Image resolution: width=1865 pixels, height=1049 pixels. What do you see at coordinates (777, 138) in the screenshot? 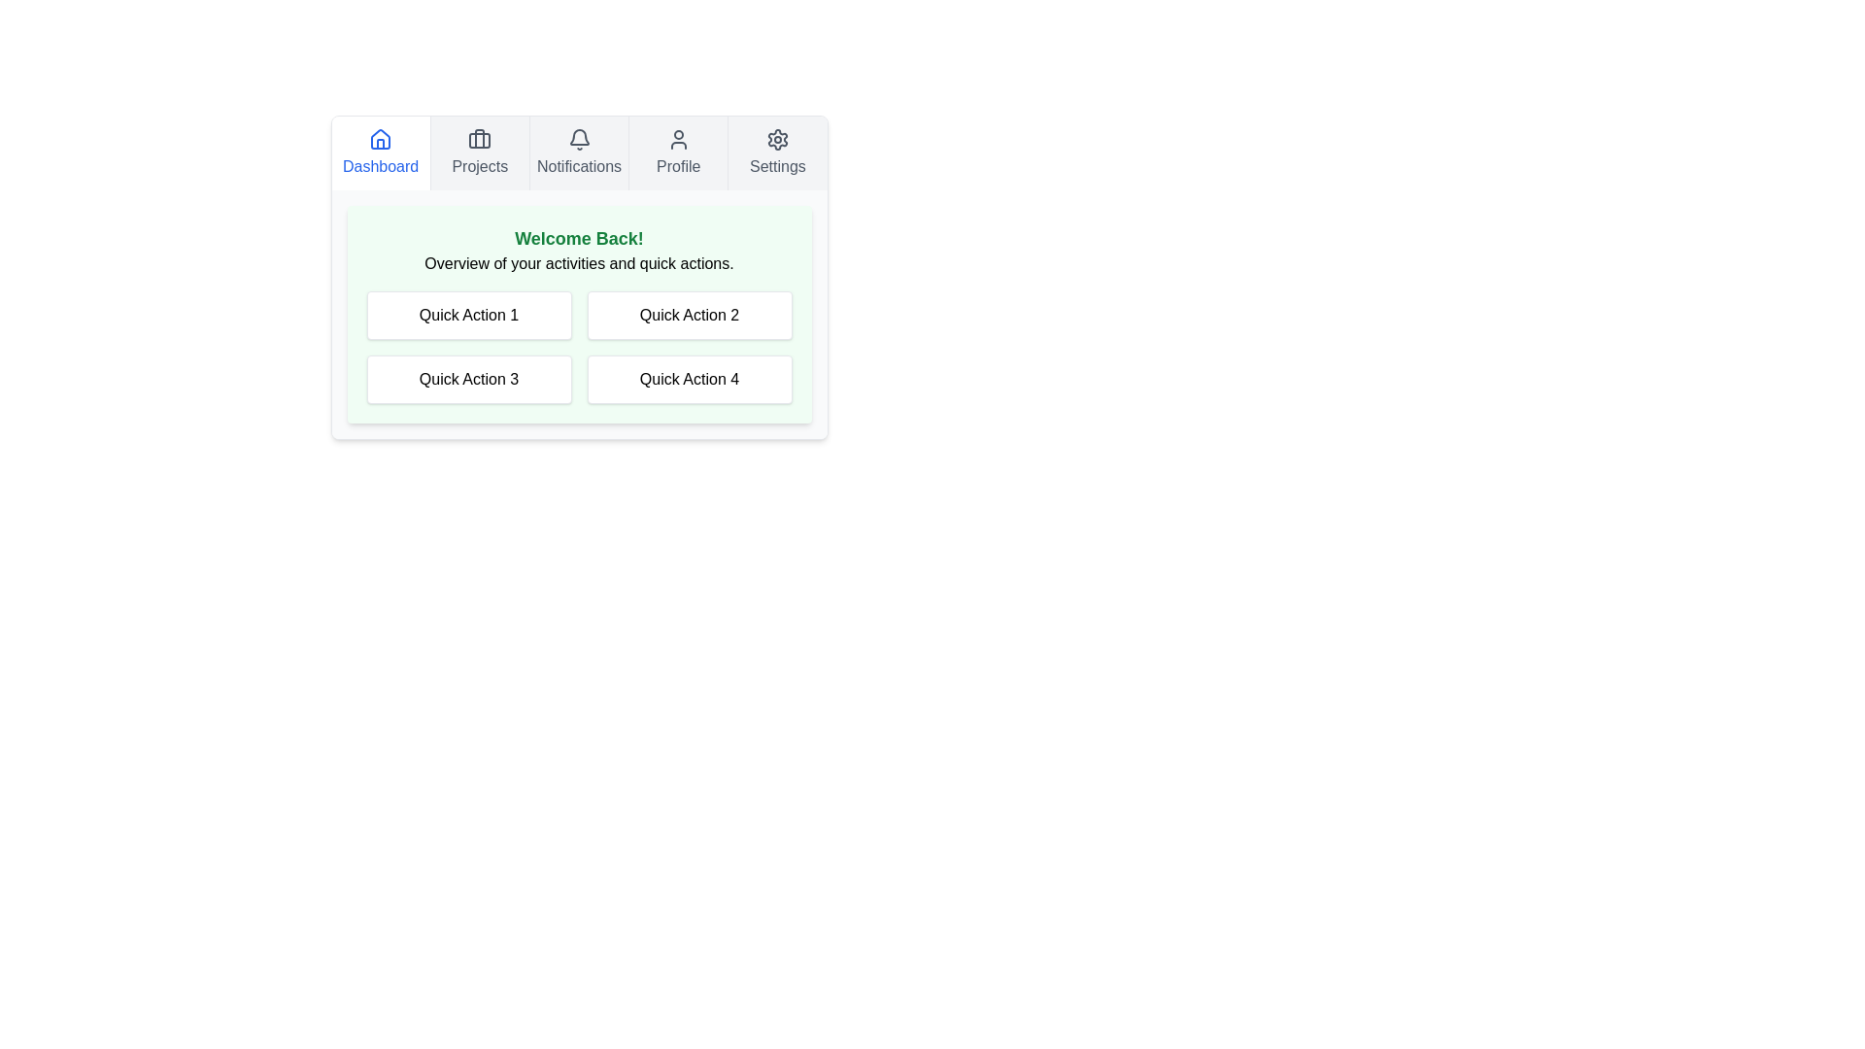
I see `the circular gear-like icon representing settings, located in the top-right corner of the navigation bar` at bounding box center [777, 138].